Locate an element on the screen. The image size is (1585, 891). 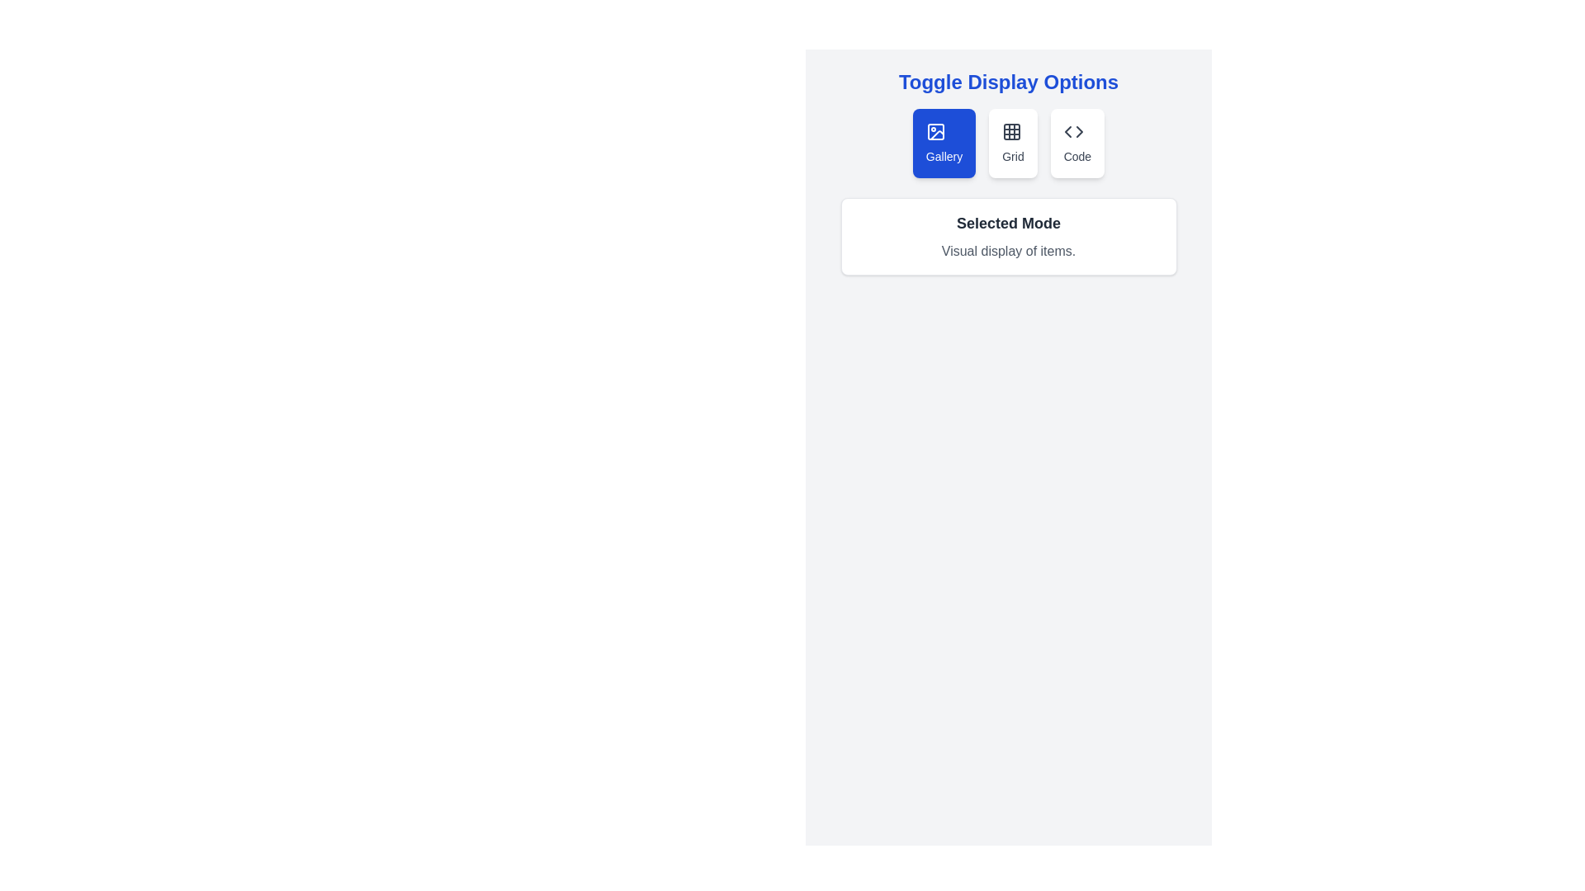
the Gallery button to toggle the display mode is located at coordinates (944, 142).